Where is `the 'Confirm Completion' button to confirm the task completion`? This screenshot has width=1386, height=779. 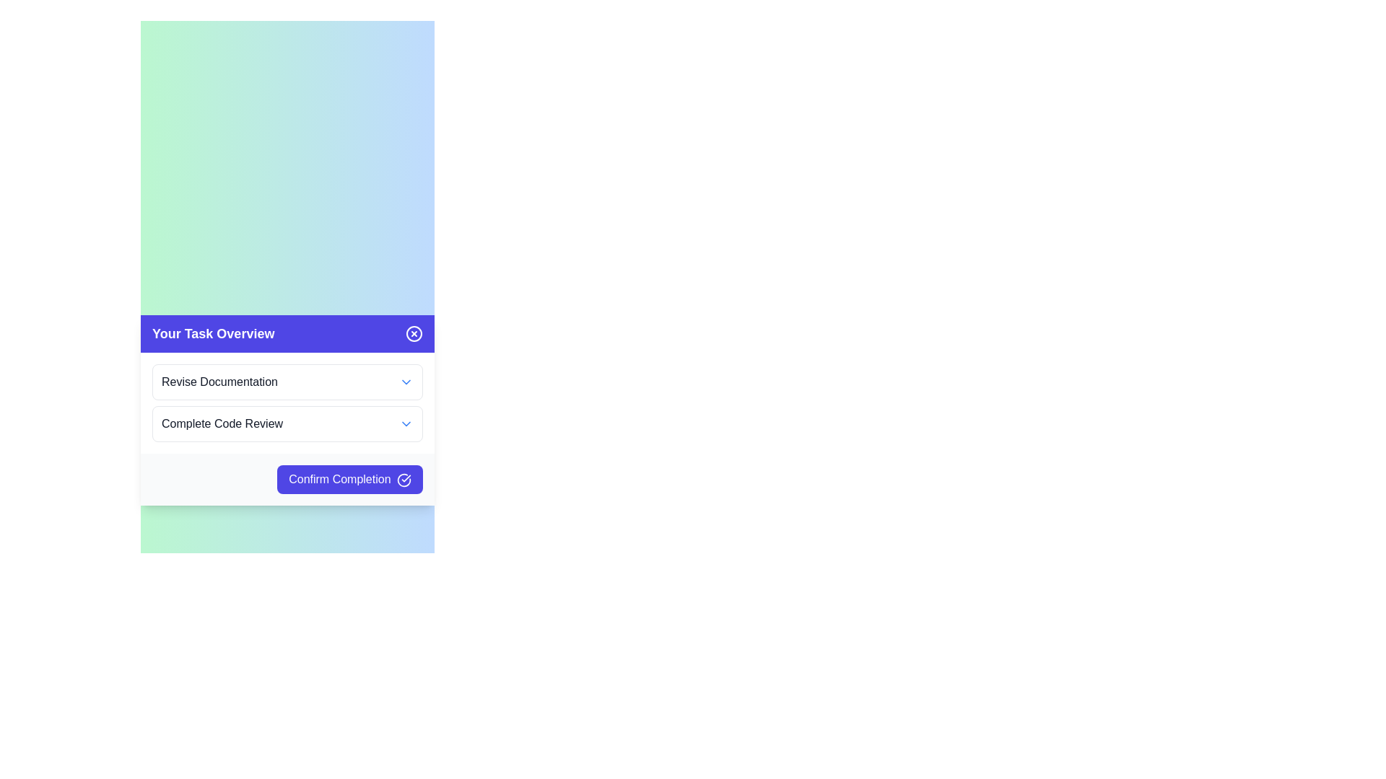 the 'Confirm Completion' button to confirm the task completion is located at coordinates (349, 479).